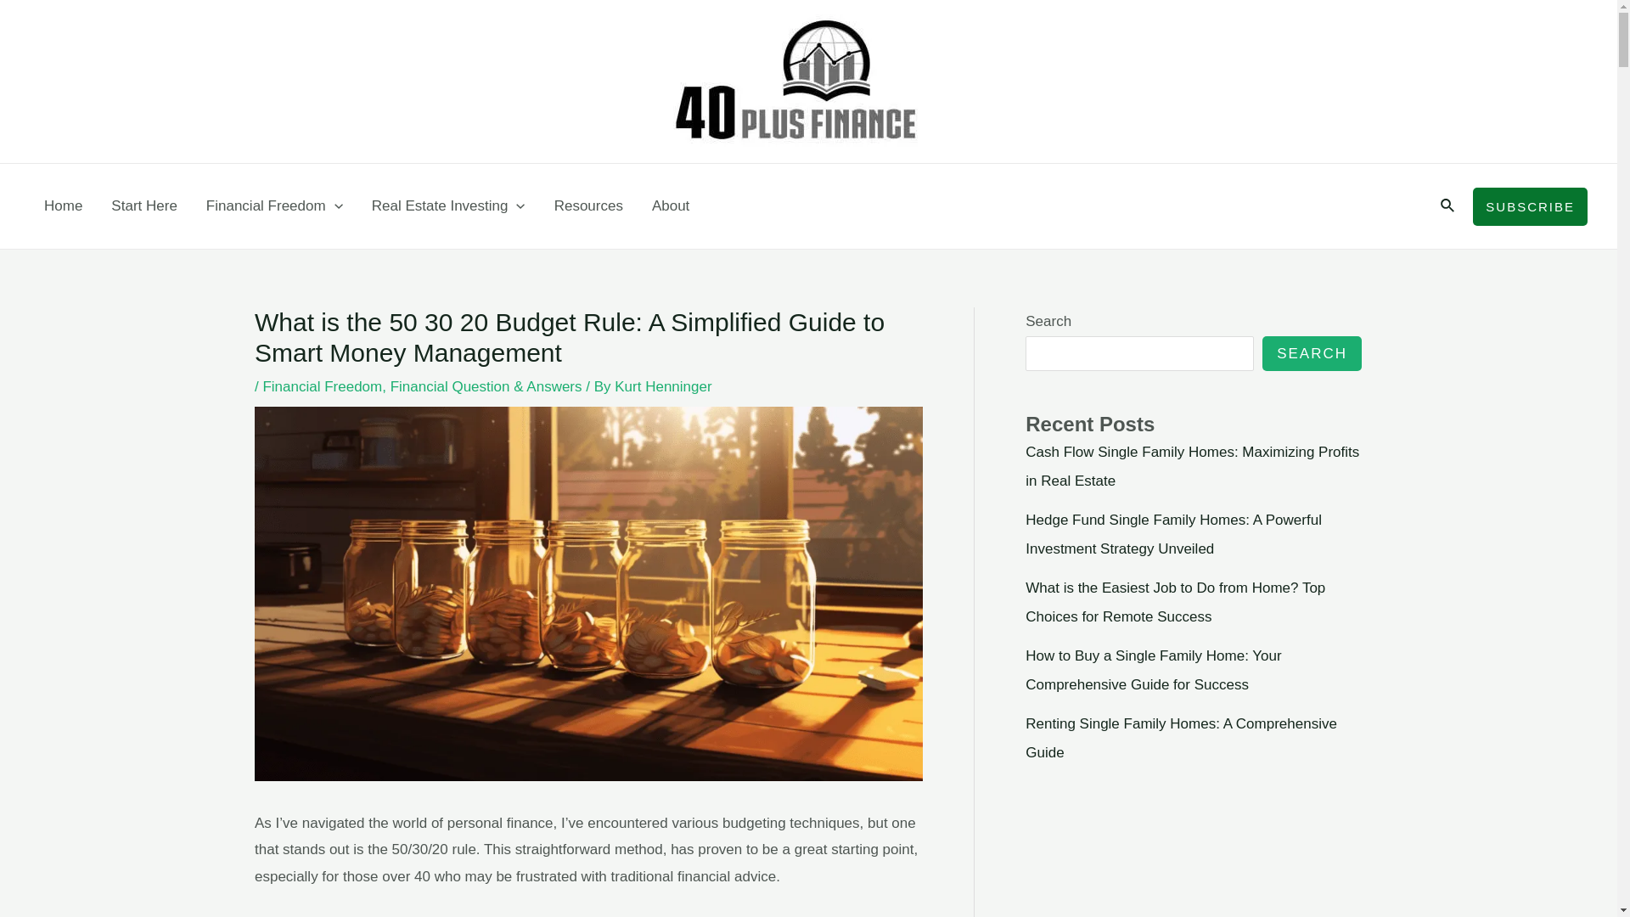 The height and width of the screenshot is (917, 1630). I want to click on 'Renting Single Family Homes: A Comprehensive Guide', so click(1180, 737).